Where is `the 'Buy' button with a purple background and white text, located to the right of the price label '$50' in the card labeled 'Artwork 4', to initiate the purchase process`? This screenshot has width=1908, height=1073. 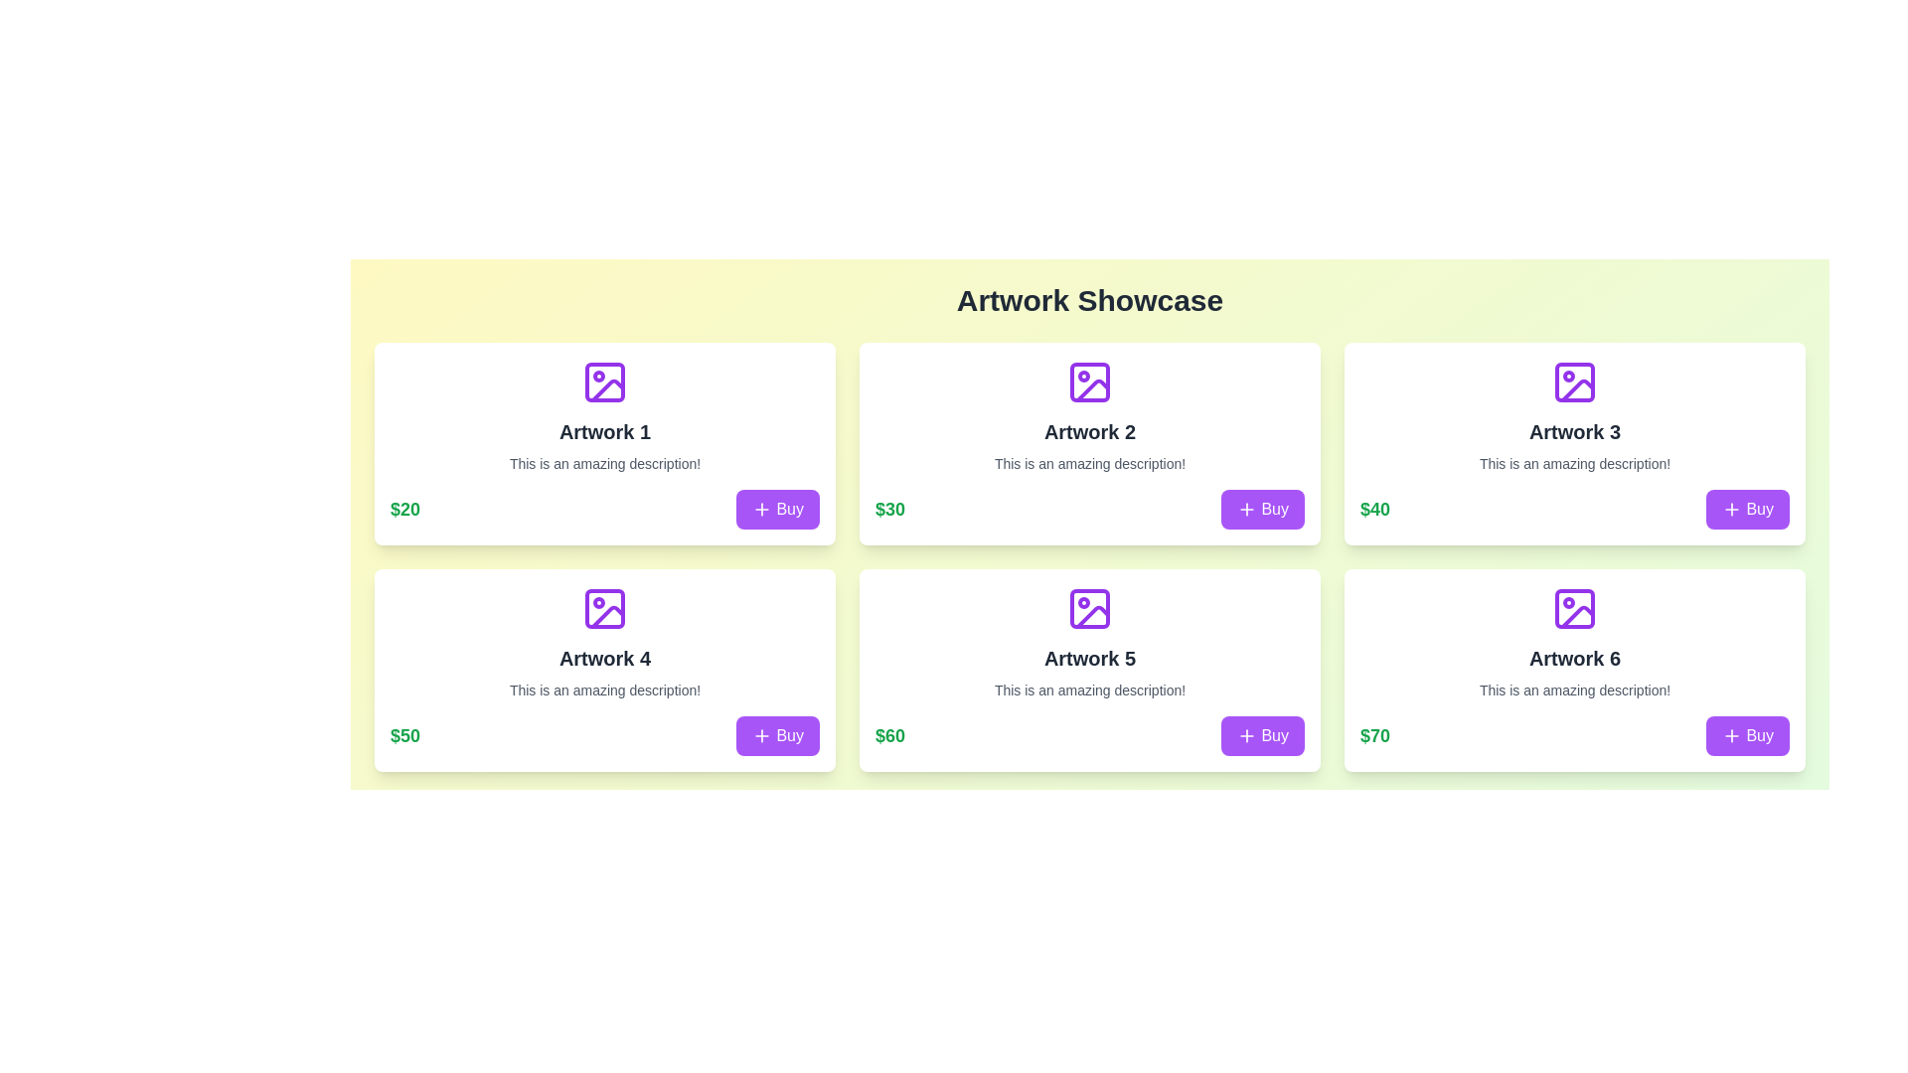 the 'Buy' button with a purple background and white text, located to the right of the price label '$50' in the card labeled 'Artwork 4', to initiate the purchase process is located at coordinates (777, 735).